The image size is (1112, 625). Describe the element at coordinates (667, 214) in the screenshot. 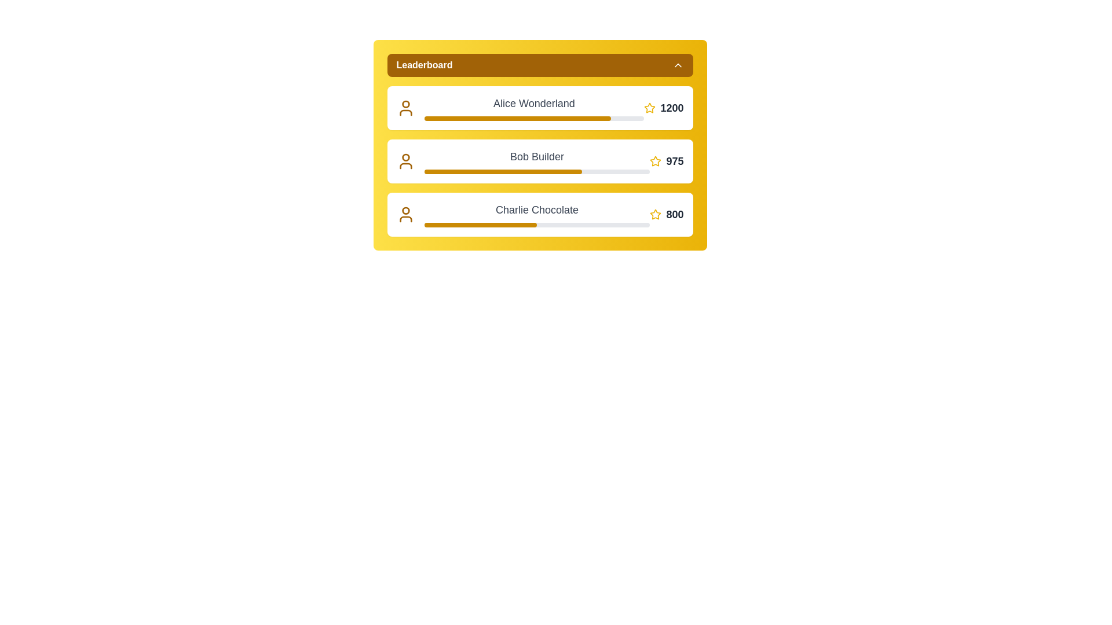

I see `score value displayed for the user 'Charlie Chocolate' on the leaderboard, located at the far-right side adjacent to the progress bar` at that location.